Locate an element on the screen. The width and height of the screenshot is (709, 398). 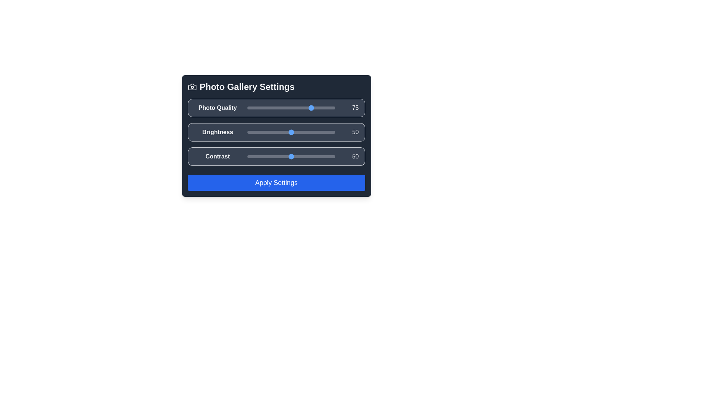
the Configuration Panel labeled 'Photo Gallery Settings' to view and understand the current settings is located at coordinates (276, 136).